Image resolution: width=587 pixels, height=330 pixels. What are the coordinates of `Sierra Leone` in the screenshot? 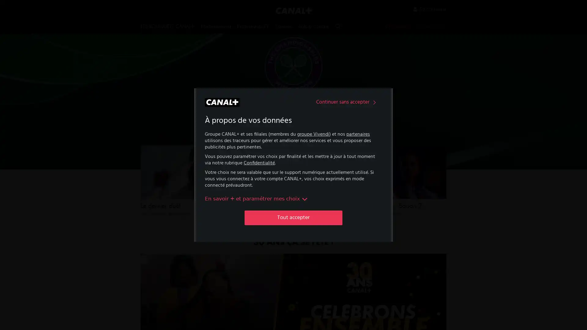 It's located at (352, 183).